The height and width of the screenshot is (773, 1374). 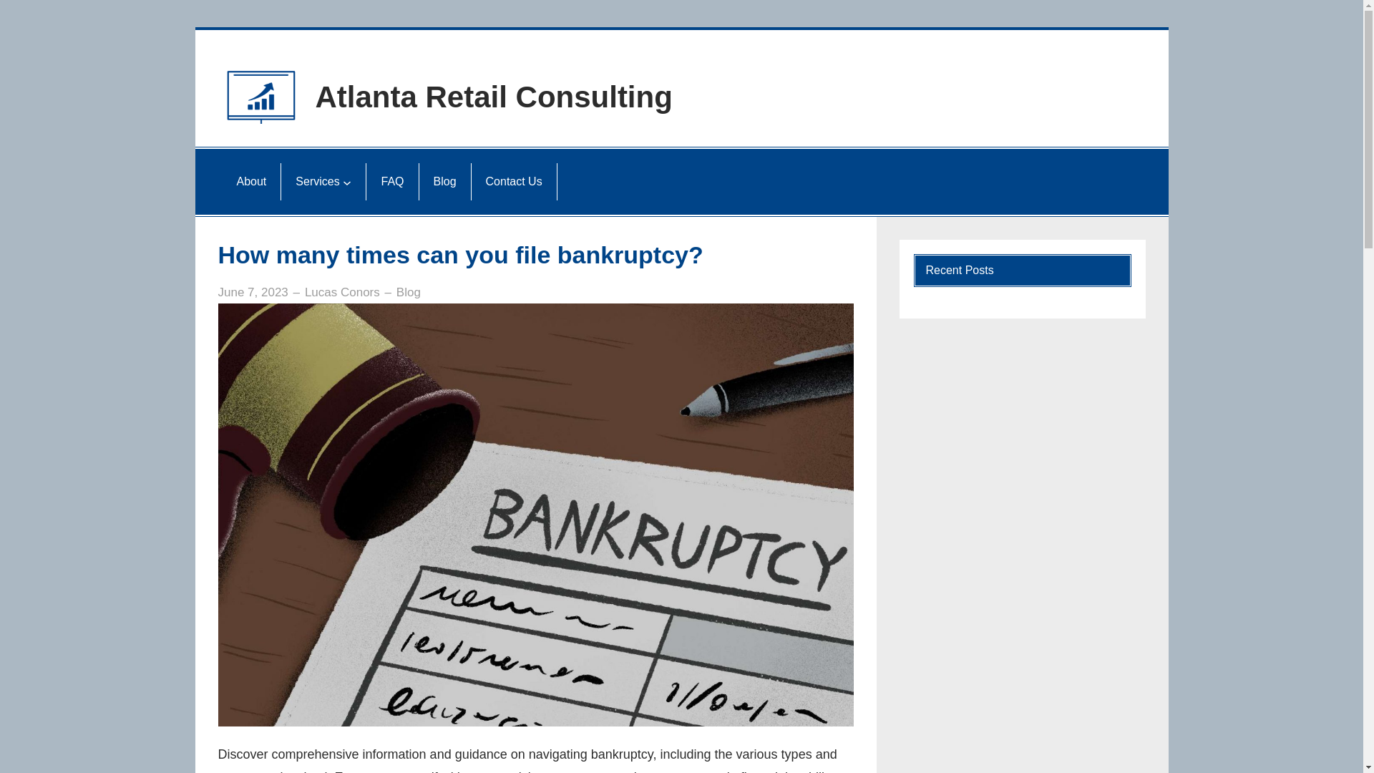 What do you see at coordinates (316, 181) in the screenshot?
I see `'Services'` at bounding box center [316, 181].